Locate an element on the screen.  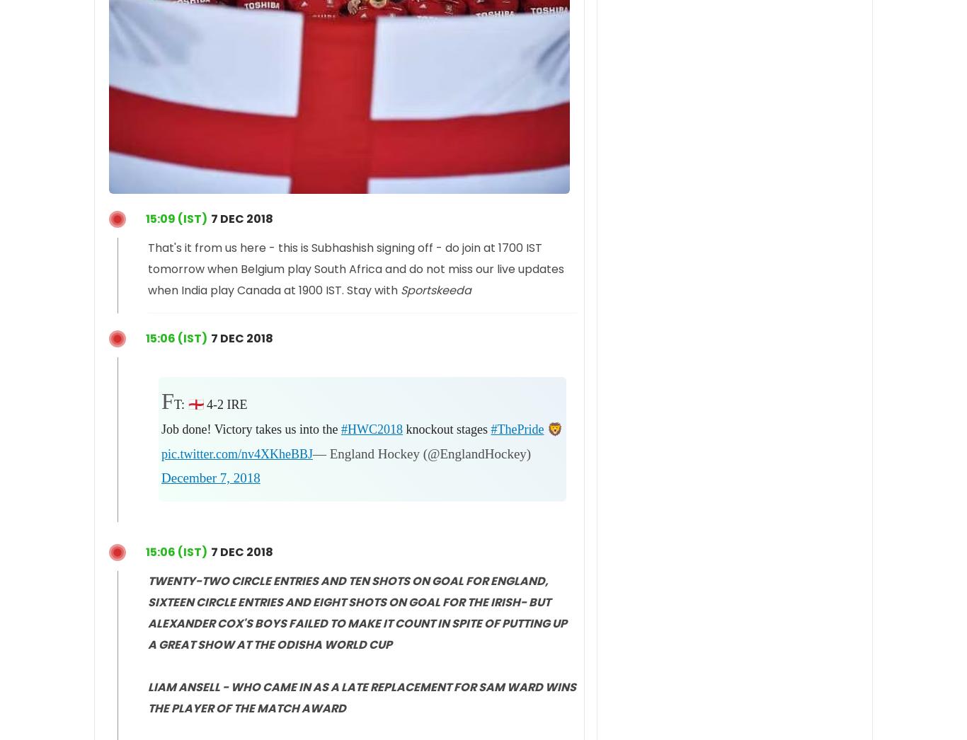
'TWENTY-TWO CIRCLE ENTRIES AND TEN SHOTS ON GOAL FOR ENGLAND, SIXTEEN CIRCLE ENTRIES AND EIGHT SHOTS ON GOAL FOR THE IRISH- BUT ALEXANDER COX'S BOYS FAILED TO MAKE IT COUNT IN SPITE OF PUTTING UP A GREAT SHOW AT THE ODISHA WORLD CUP' is located at coordinates (357, 611).